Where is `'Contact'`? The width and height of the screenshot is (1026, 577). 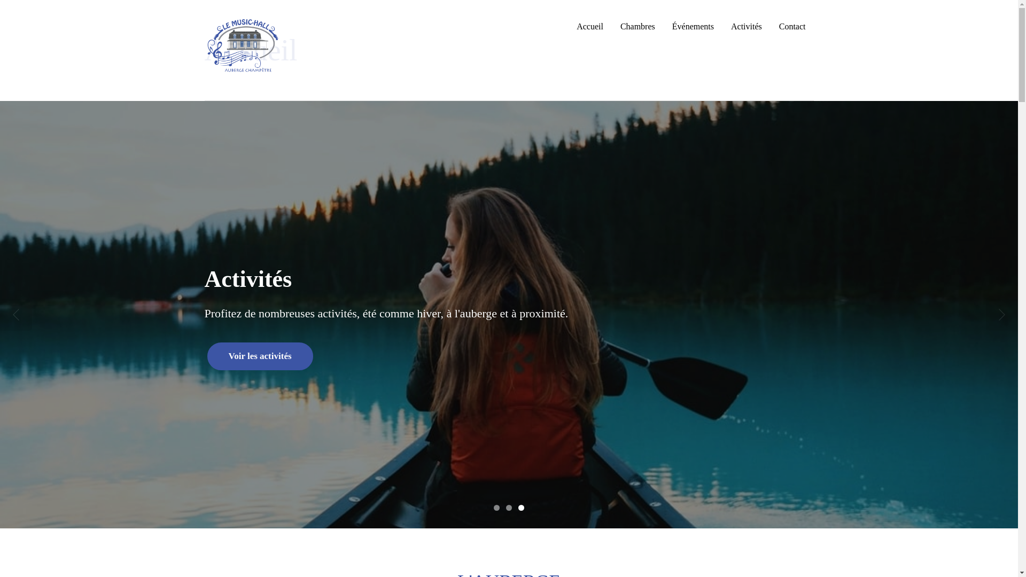 'Contact' is located at coordinates (792, 26).